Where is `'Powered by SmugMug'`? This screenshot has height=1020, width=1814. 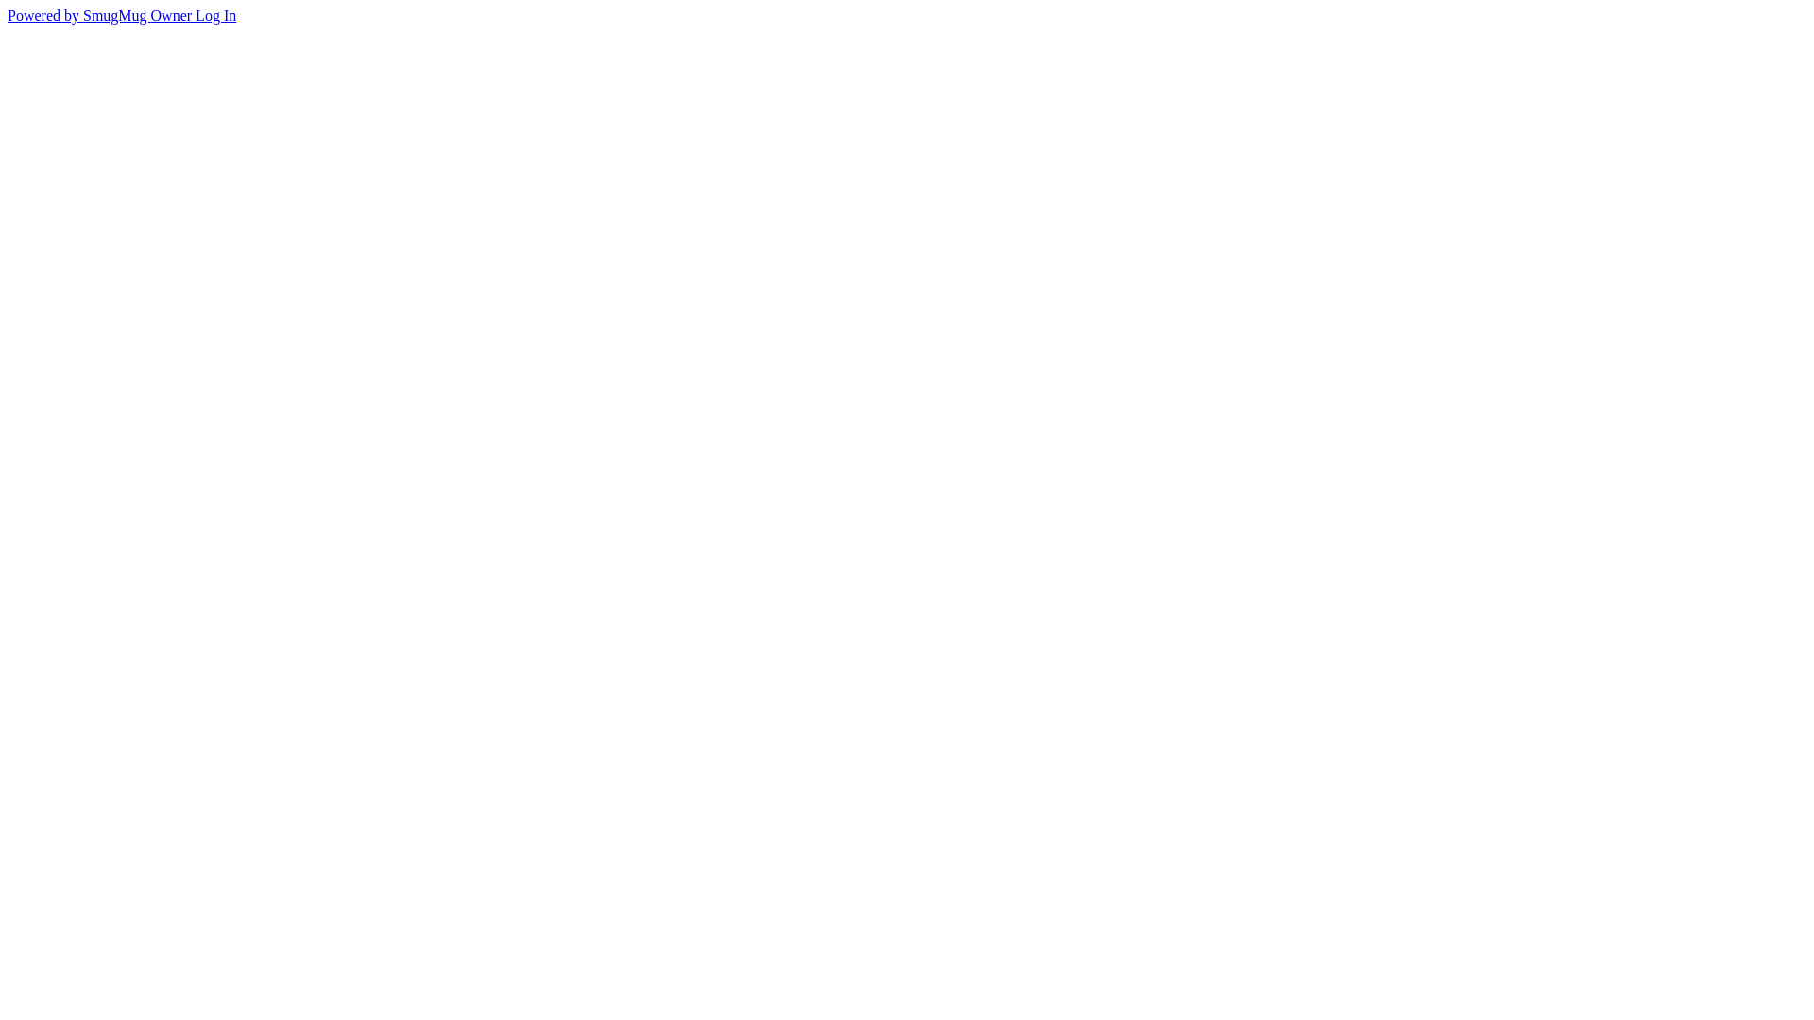
'Powered by SmugMug' is located at coordinates (77, 15).